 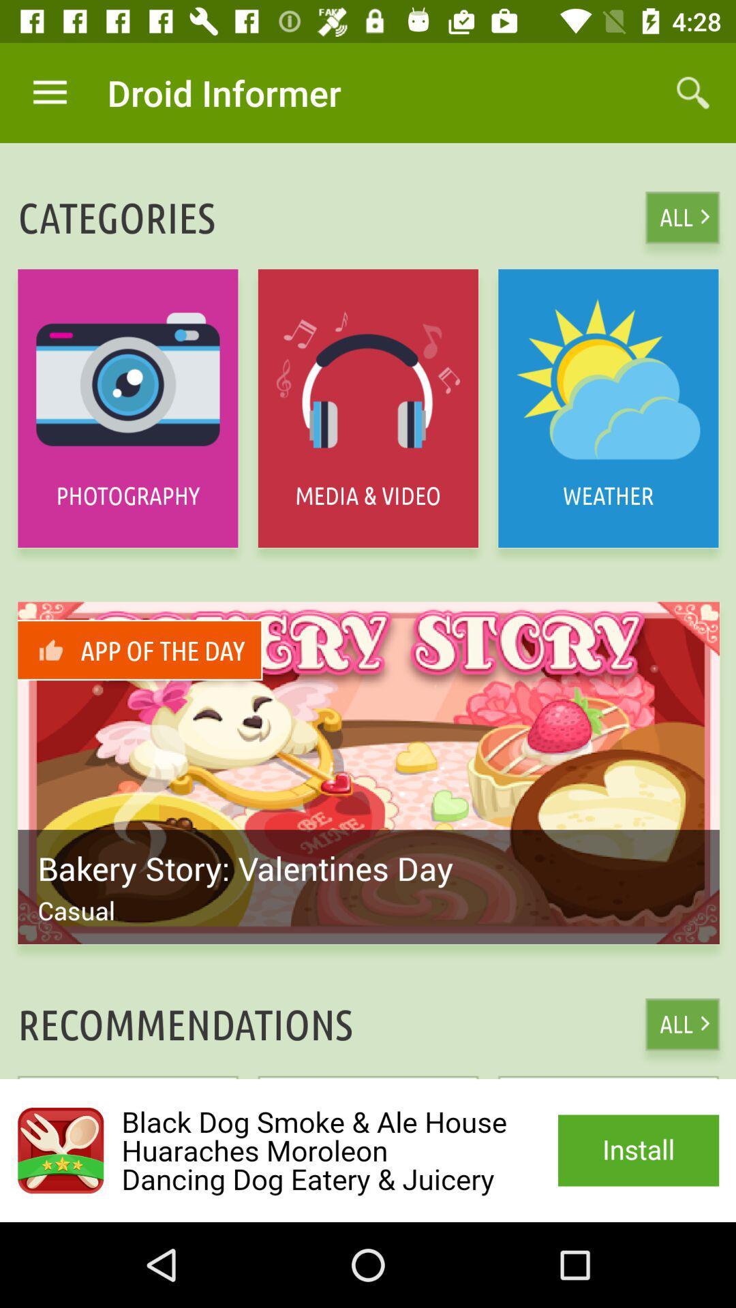 I want to click on advertisement, so click(x=368, y=1150).